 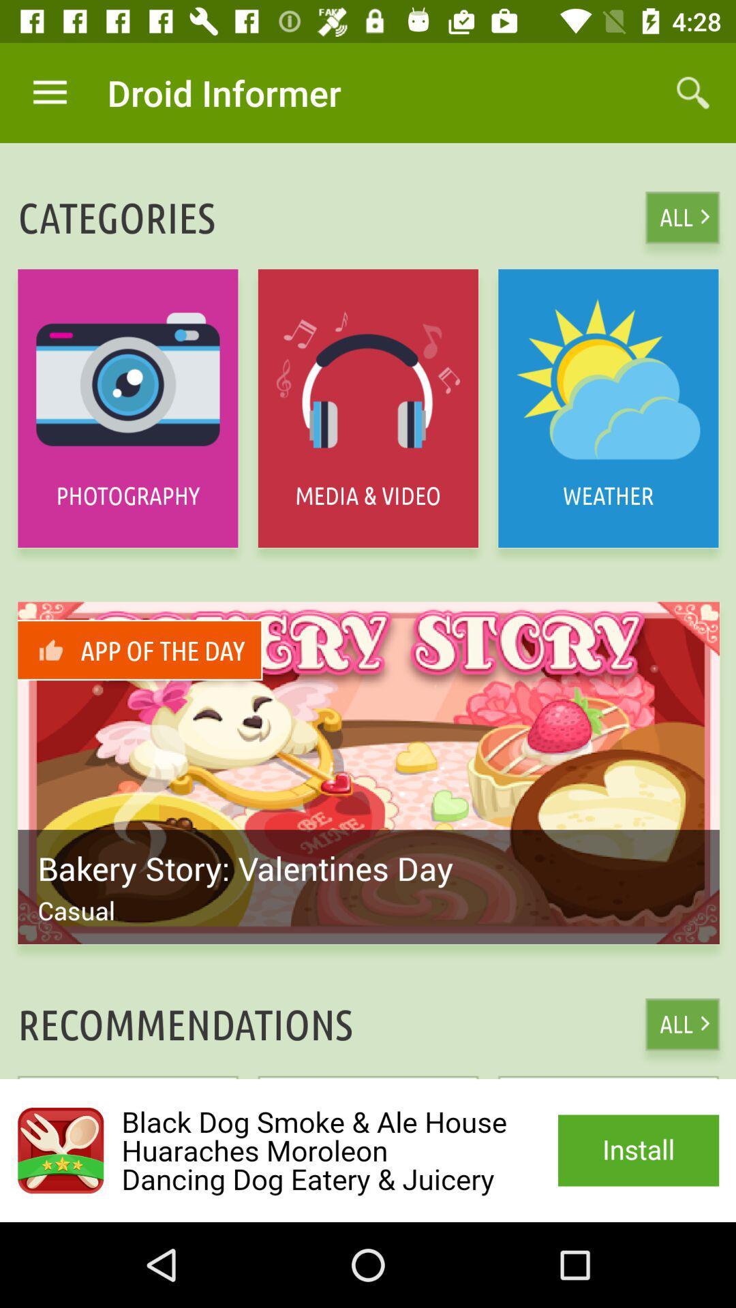 I want to click on advertisement, so click(x=368, y=1150).